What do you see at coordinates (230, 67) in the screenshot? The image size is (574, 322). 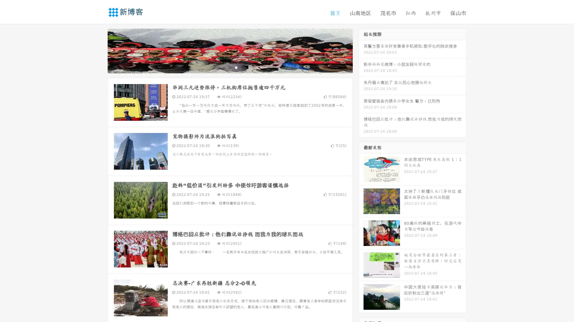 I see `Go to slide 2` at bounding box center [230, 67].